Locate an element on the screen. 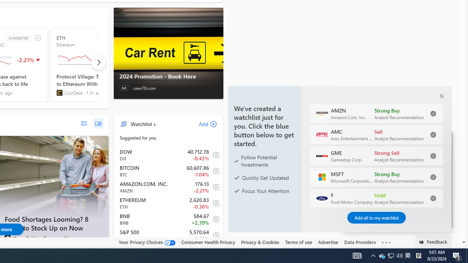 This screenshot has width=468, height=263. 'Terms of use' is located at coordinates (298, 242).